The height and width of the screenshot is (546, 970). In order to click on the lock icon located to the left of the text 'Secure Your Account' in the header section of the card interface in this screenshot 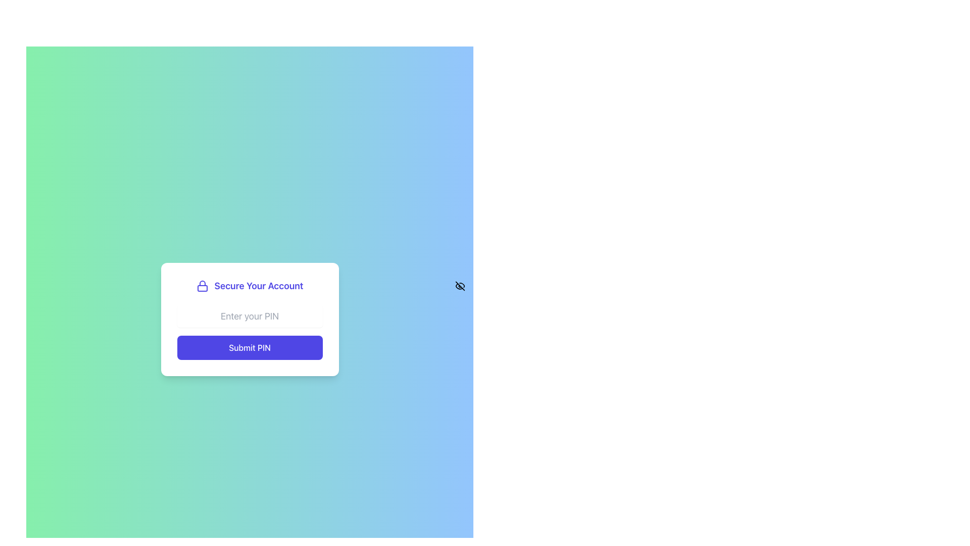, I will do `click(202, 286)`.